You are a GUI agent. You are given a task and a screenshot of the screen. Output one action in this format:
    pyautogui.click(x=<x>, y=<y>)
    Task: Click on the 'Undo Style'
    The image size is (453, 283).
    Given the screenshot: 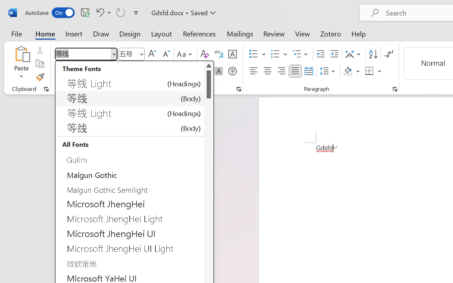 What is the action you would take?
    pyautogui.click(x=102, y=12)
    